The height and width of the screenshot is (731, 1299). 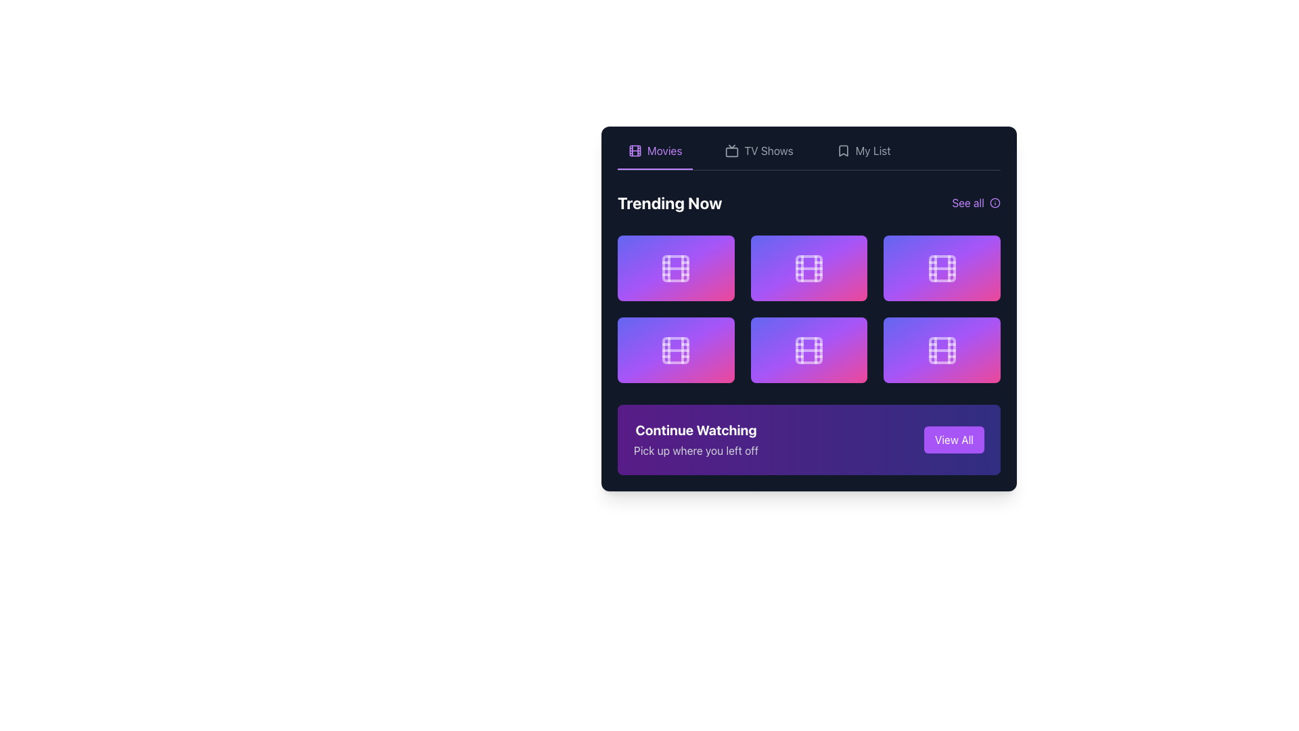 What do you see at coordinates (941, 268) in the screenshot?
I see `the Media item card with a gradient background transitioning from purple to pink and a white film or grid icon, located in the third column of the top row in the 'Trending Now' section` at bounding box center [941, 268].